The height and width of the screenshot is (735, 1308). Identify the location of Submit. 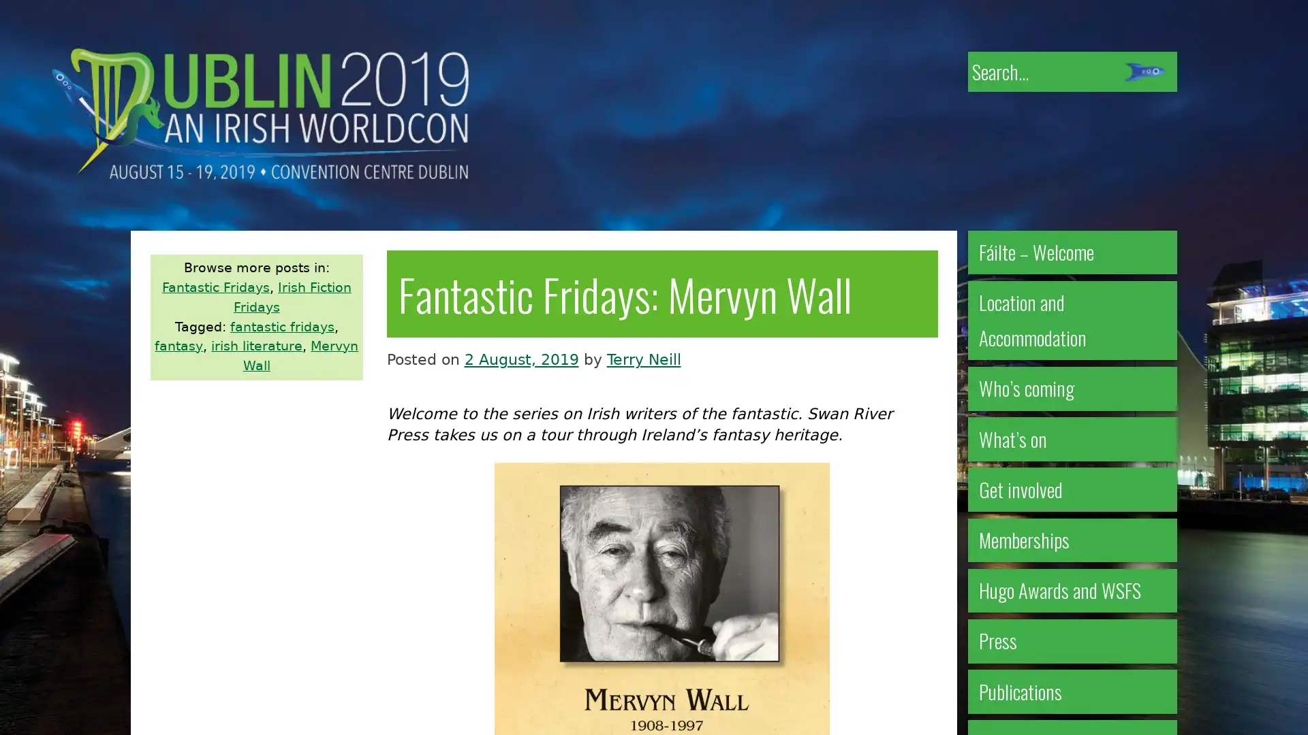
(1144, 72).